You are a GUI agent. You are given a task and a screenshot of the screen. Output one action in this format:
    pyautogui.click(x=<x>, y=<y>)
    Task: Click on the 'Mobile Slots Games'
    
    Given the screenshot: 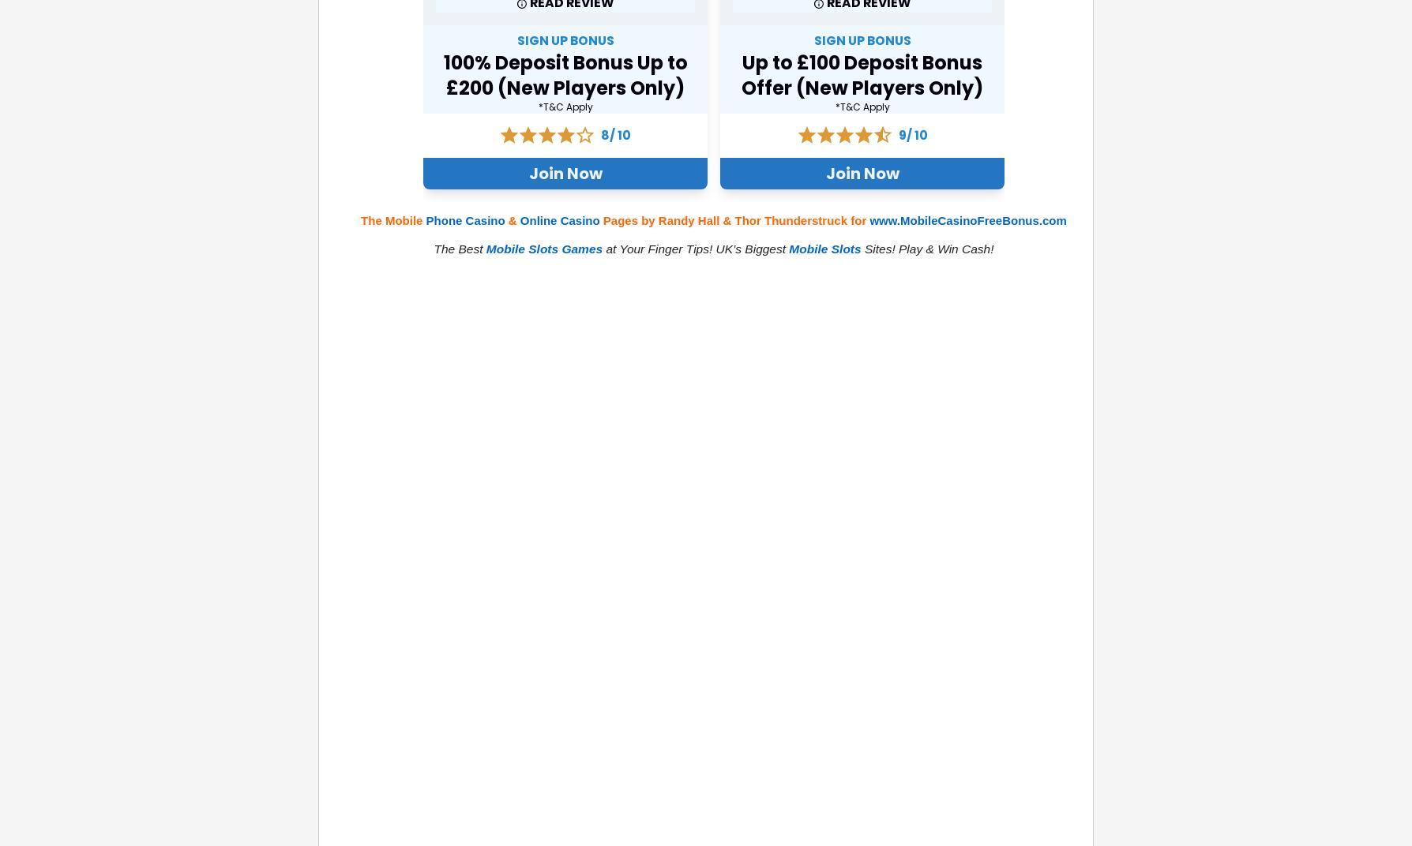 What is the action you would take?
    pyautogui.click(x=543, y=247)
    